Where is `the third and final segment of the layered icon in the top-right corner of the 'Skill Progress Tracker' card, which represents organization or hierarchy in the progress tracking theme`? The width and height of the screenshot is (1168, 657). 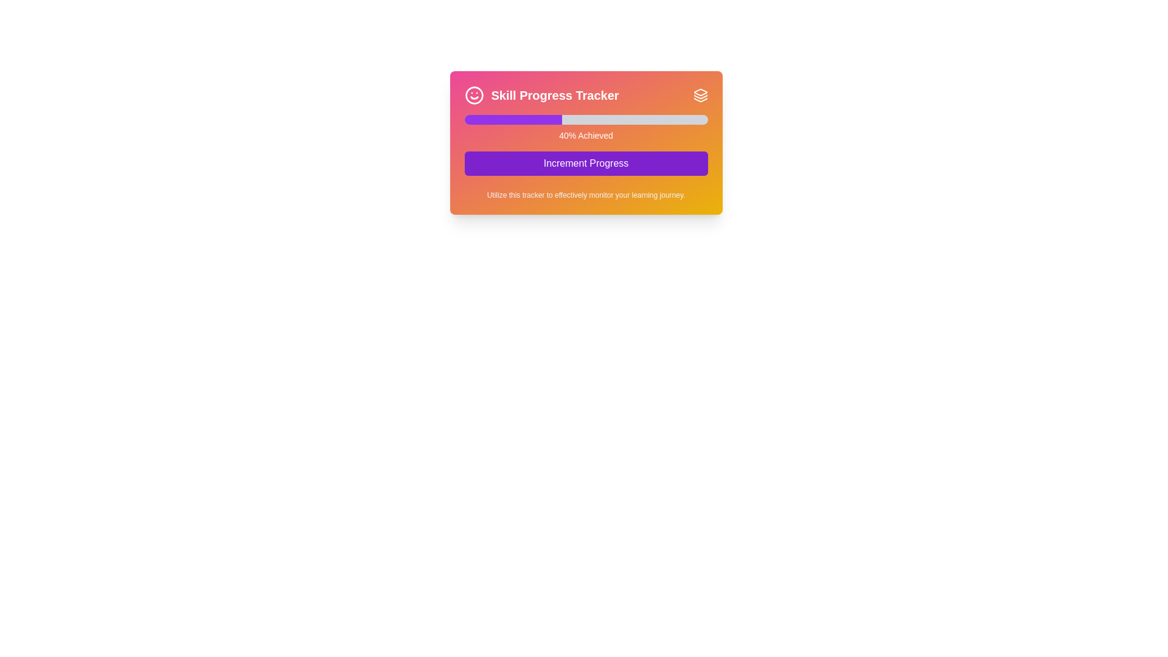 the third and final segment of the layered icon in the top-right corner of the 'Skill Progress Tracker' card, which represents organization or hierarchy in the progress tracking theme is located at coordinates (700, 99).